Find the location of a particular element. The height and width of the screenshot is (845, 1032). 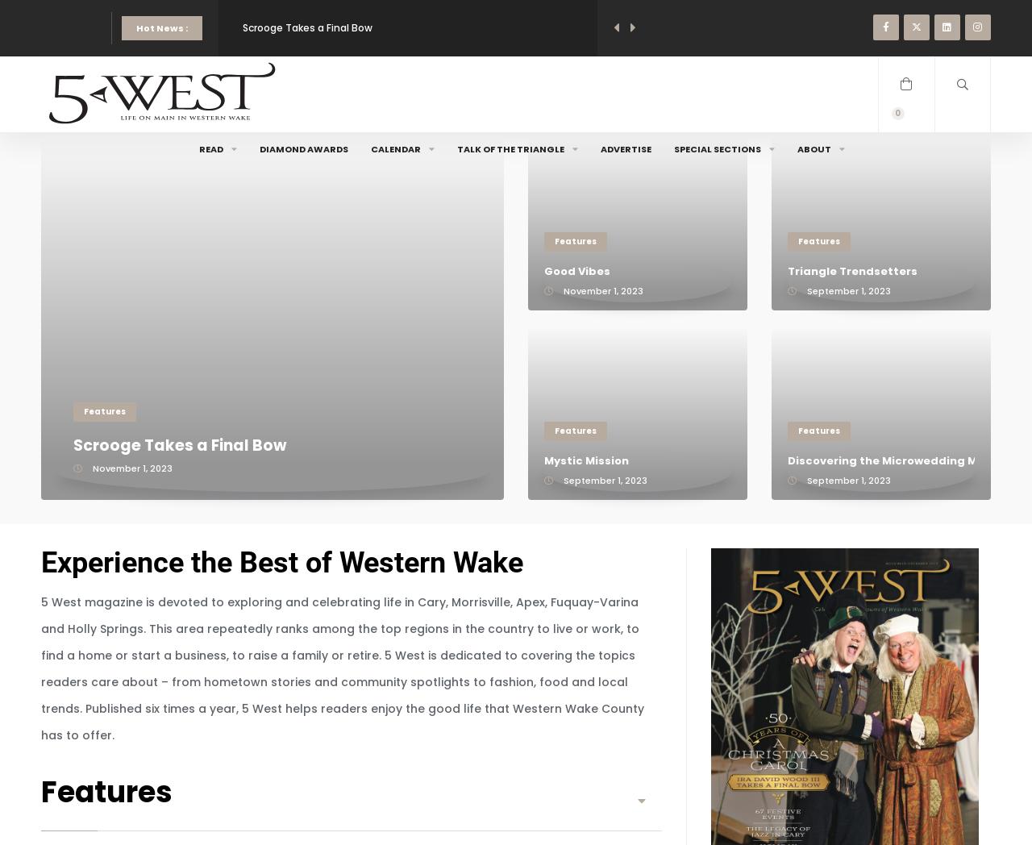

'Search' is located at coordinates (933, 152).